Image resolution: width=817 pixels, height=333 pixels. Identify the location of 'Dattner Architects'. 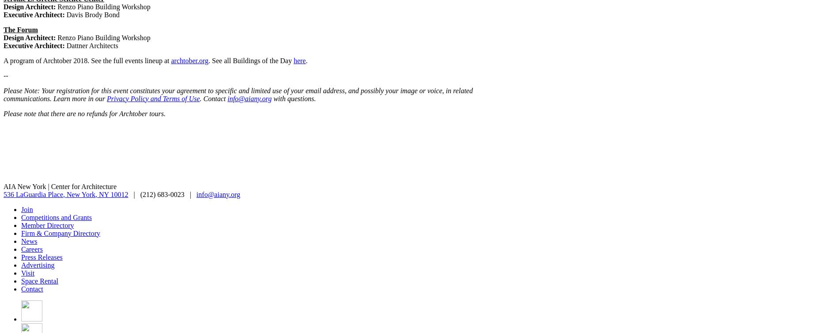
(91, 45).